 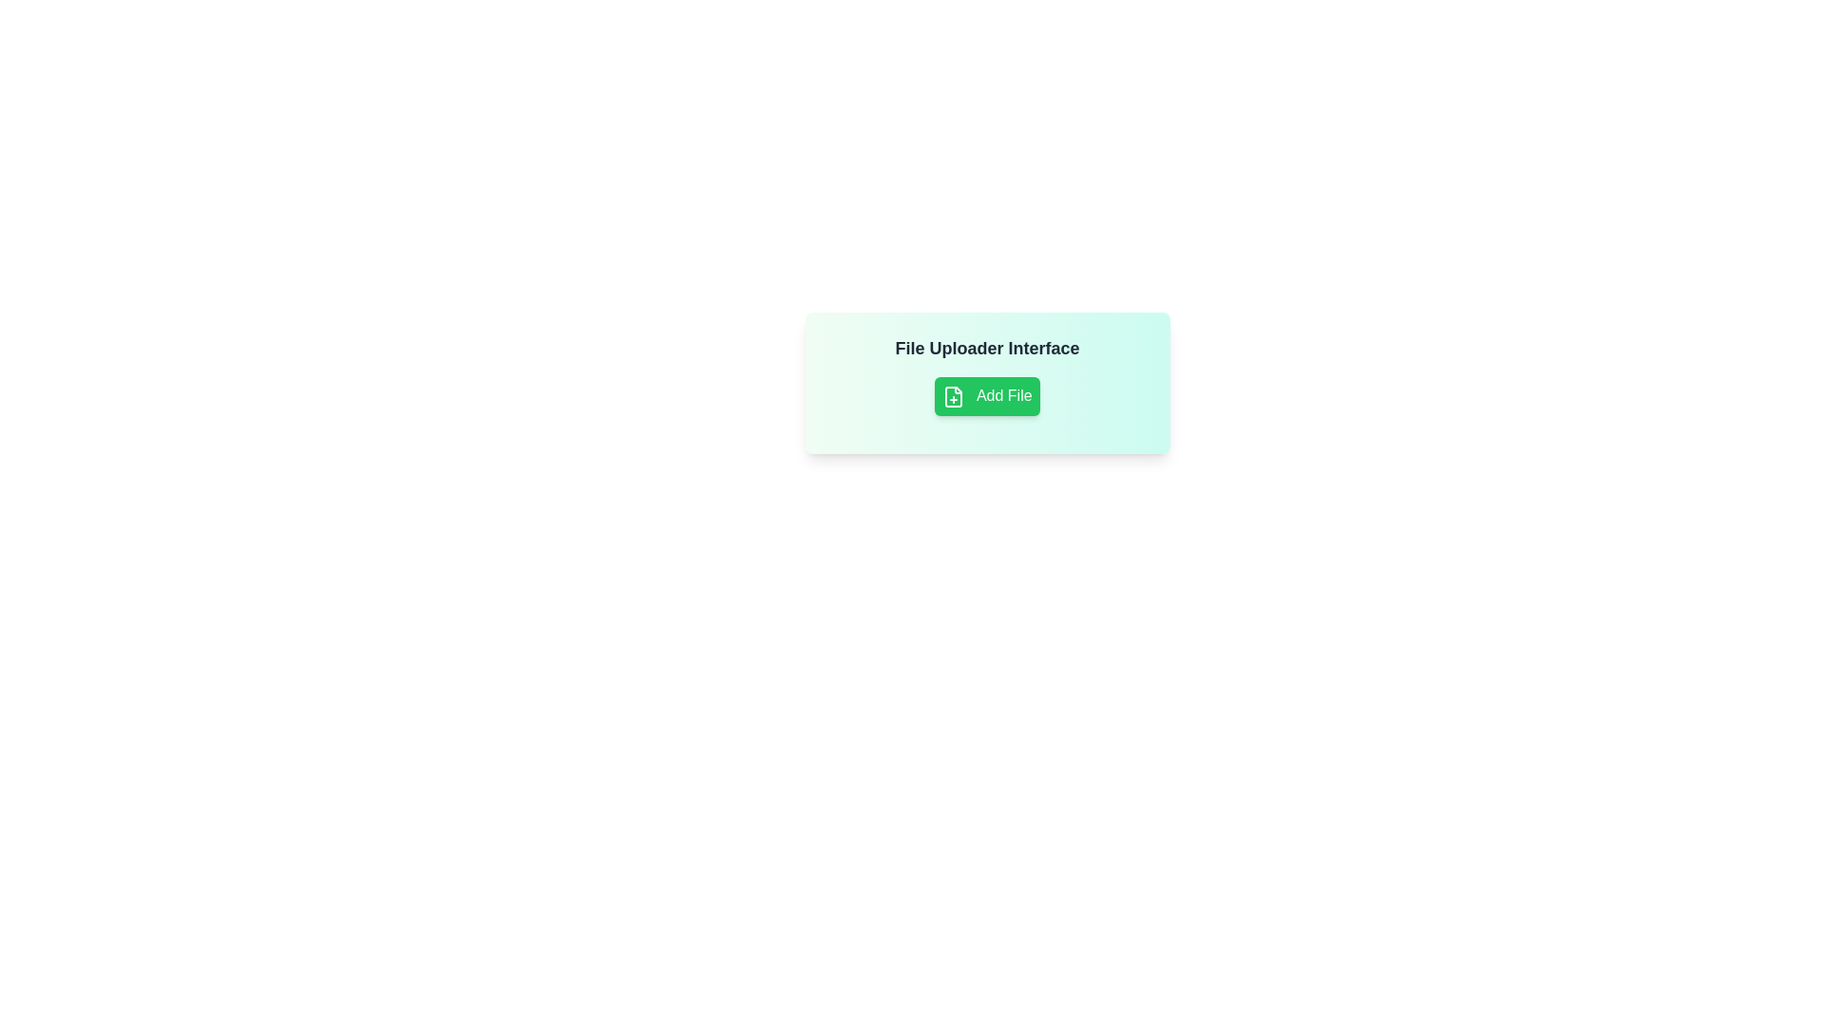 What do you see at coordinates (987, 383) in the screenshot?
I see `the 'Add File' button in the 'File Uploader Interface' component, which is styled with a green gradient background and features a file icon with a plus symbol` at bounding box center [987, 383].